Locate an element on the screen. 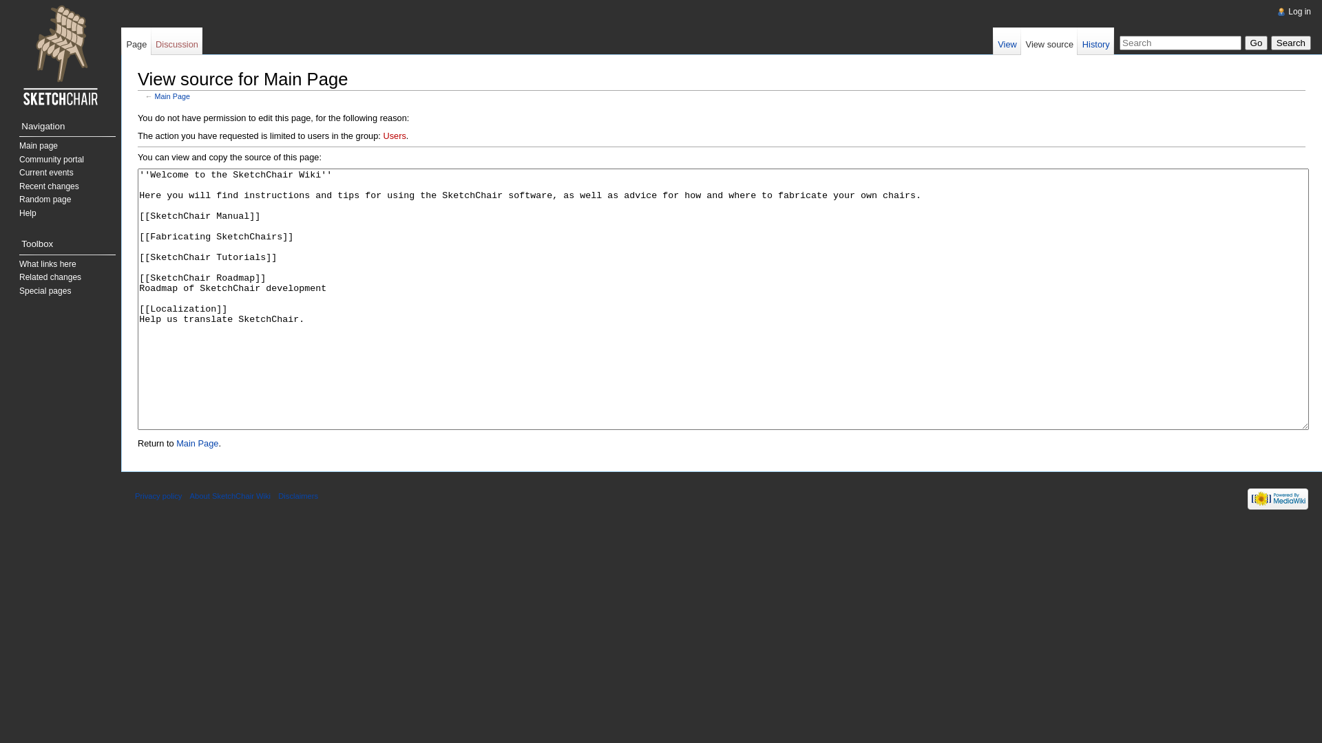 The width and height of the screenshot is (1322, 743). 'Discussion' is located at coordinates (151, 41).